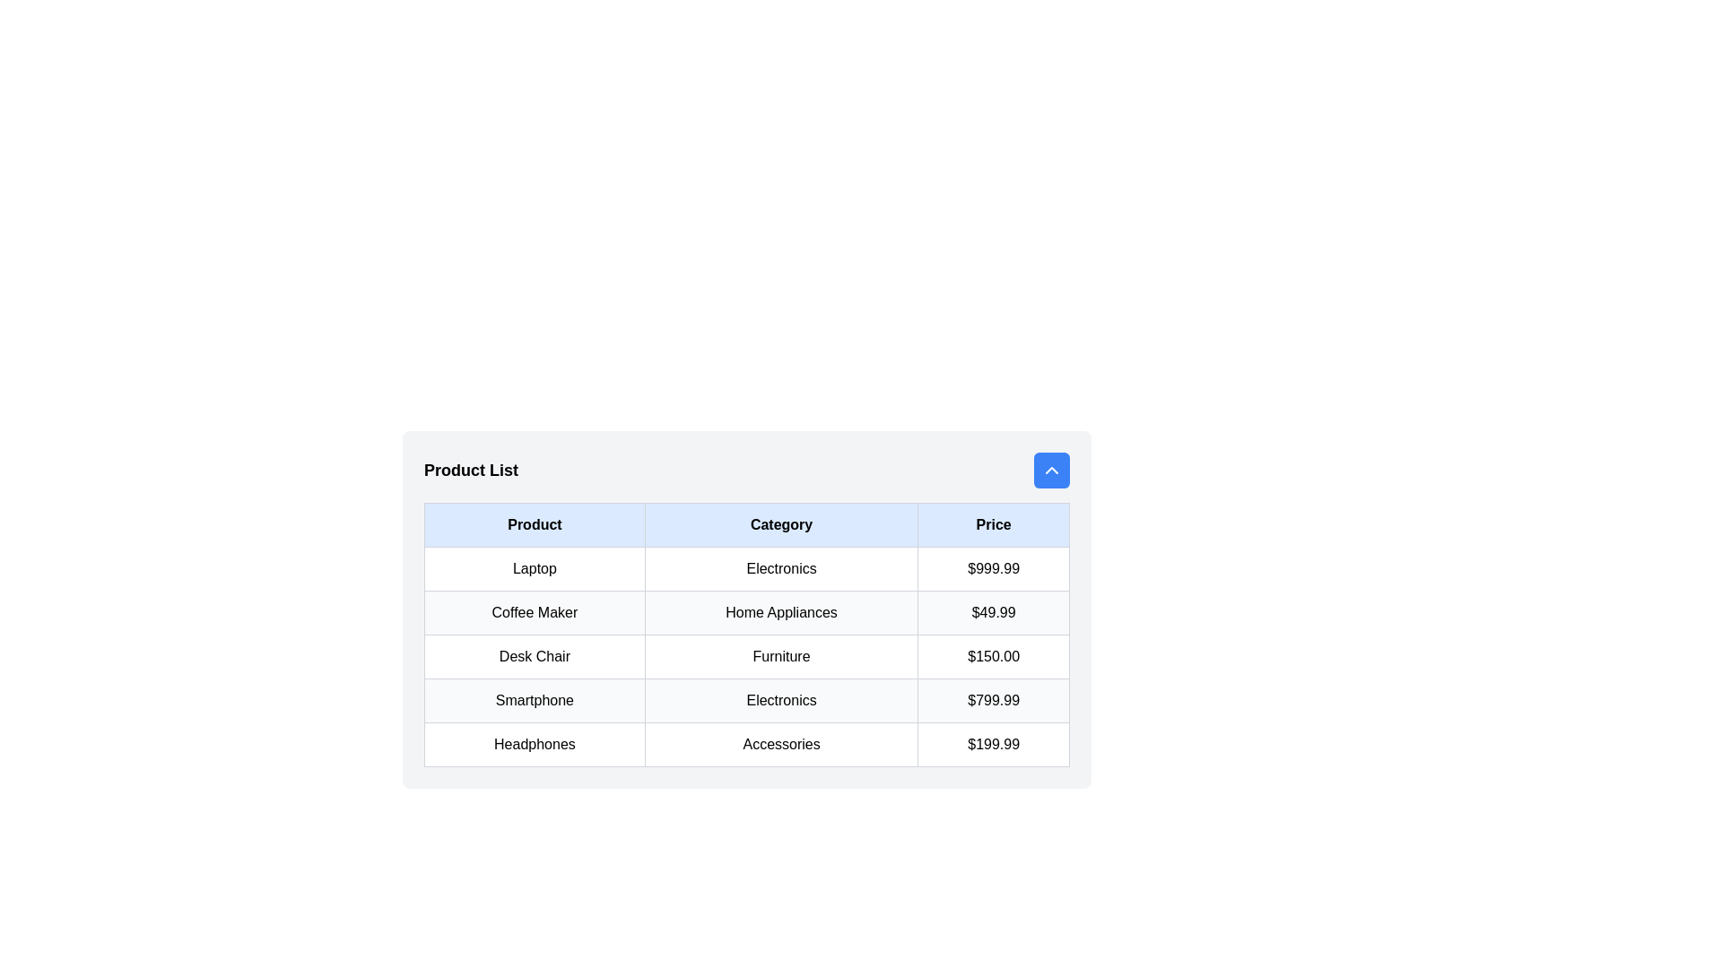 Image resolution: width=1722 pixels, height=968 pixels. What do you see at coordinates (471, 469) in the screenshot?
I see `the Text Label that serves as a header for the product list, located at the top of the product listing table` at bounding box center [471, 469].